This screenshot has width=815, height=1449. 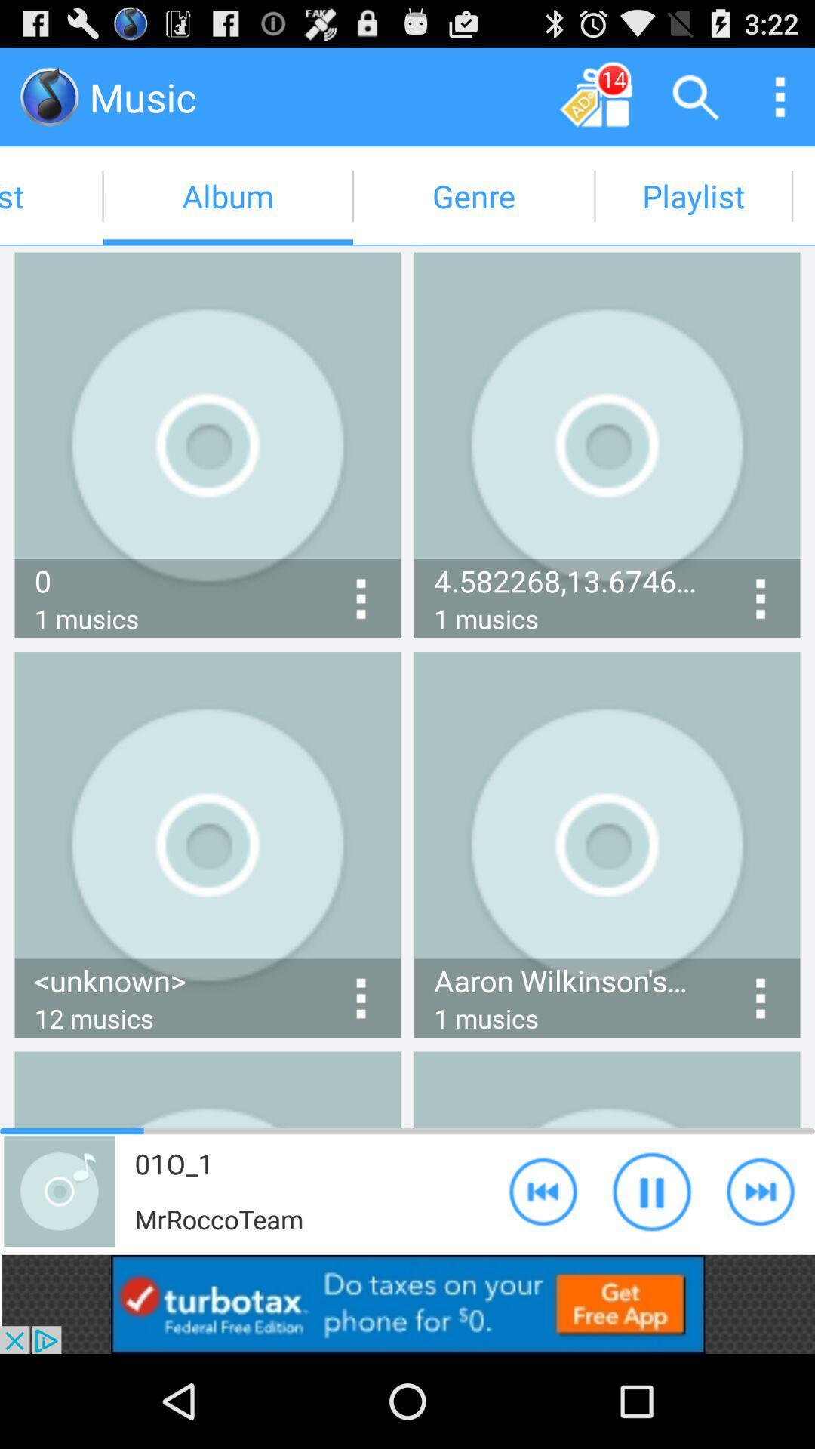 What do you see at coordinates (208, 445) in the screenshot?
I see `the first block under the album` at bounding box center [208, 445].